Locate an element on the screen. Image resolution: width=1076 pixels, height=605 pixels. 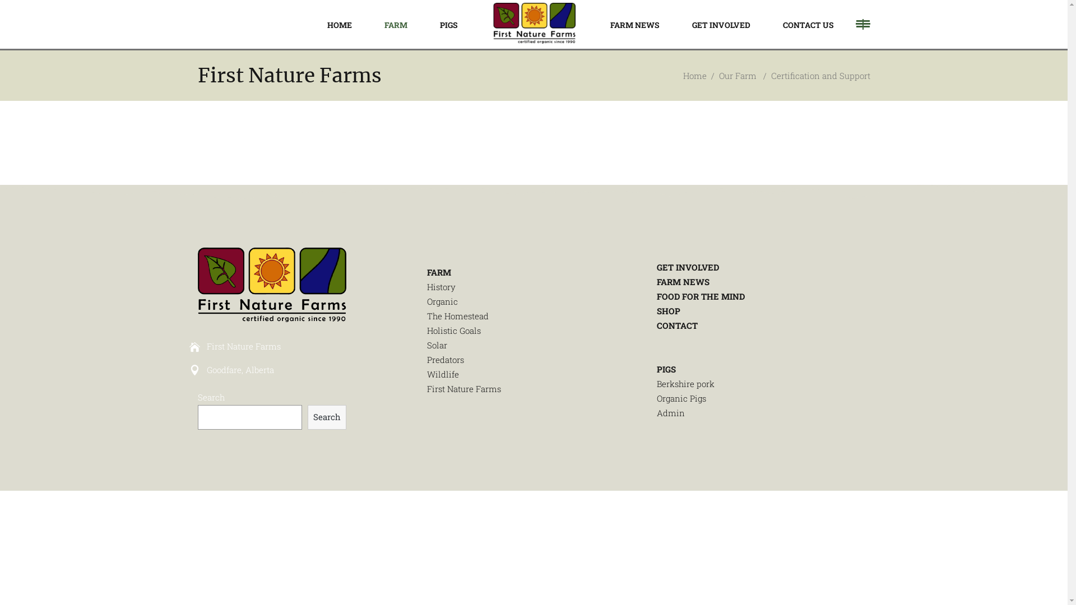
'The Homestead' is located at coordinates (457, 315).